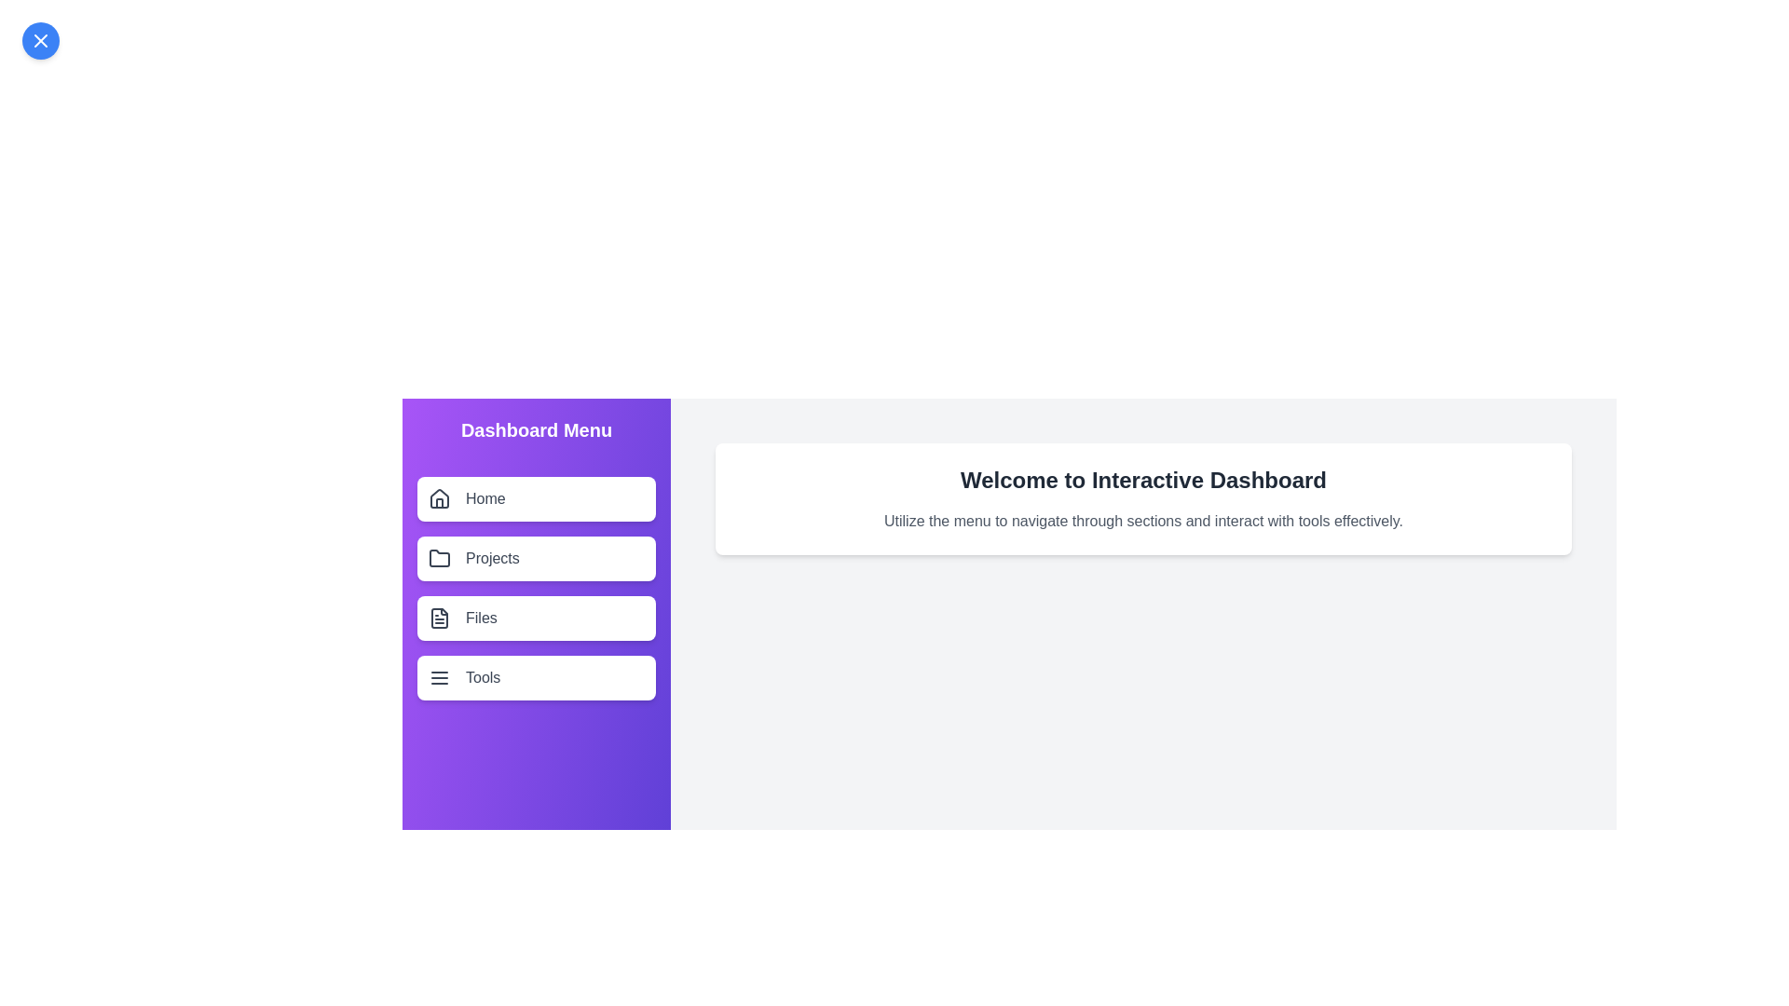 The width and height of the screenshot is (1789, 1006). What do you see at coordinates (536, 618) in the screenshot?
I see `the menu item labeled 'Files' to observe visual feedback` at bounding box center [536, 618].